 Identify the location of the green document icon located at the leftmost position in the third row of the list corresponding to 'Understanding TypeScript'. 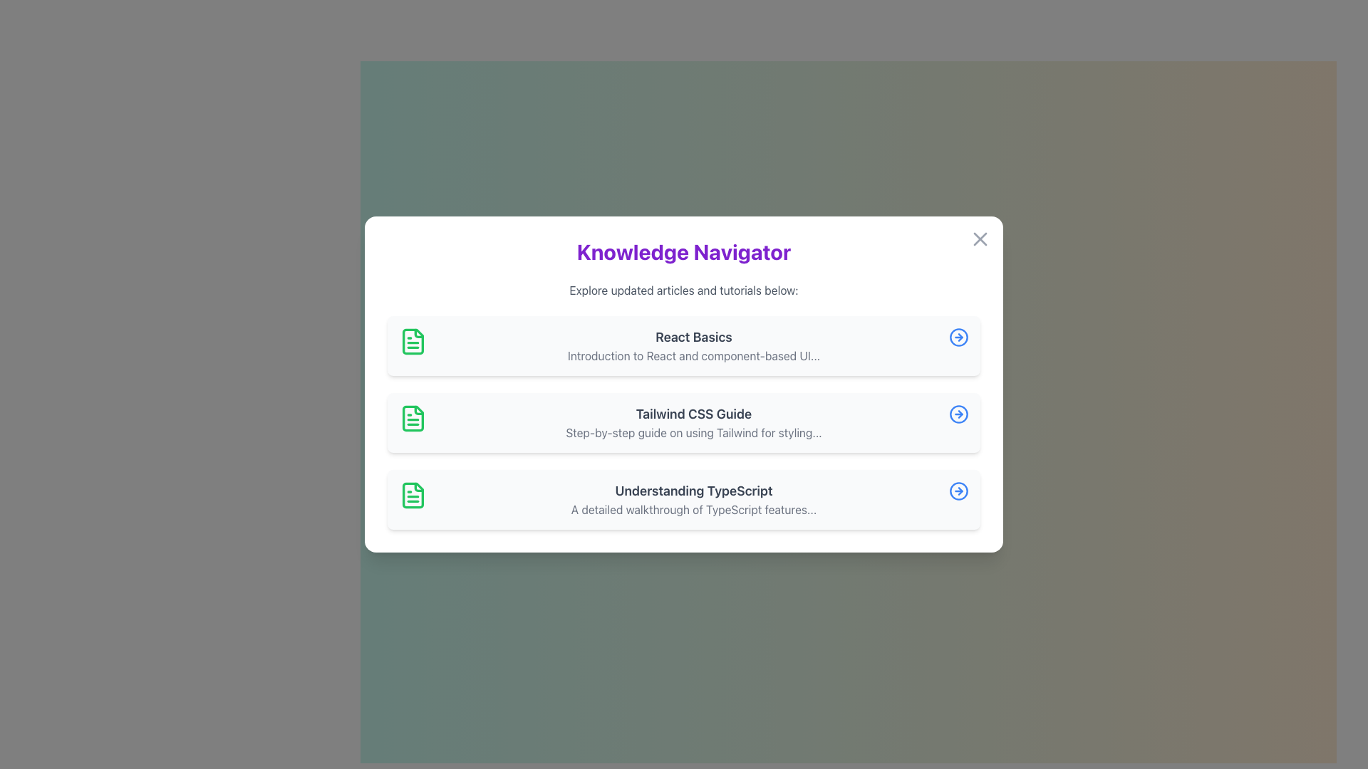
(413, 494).